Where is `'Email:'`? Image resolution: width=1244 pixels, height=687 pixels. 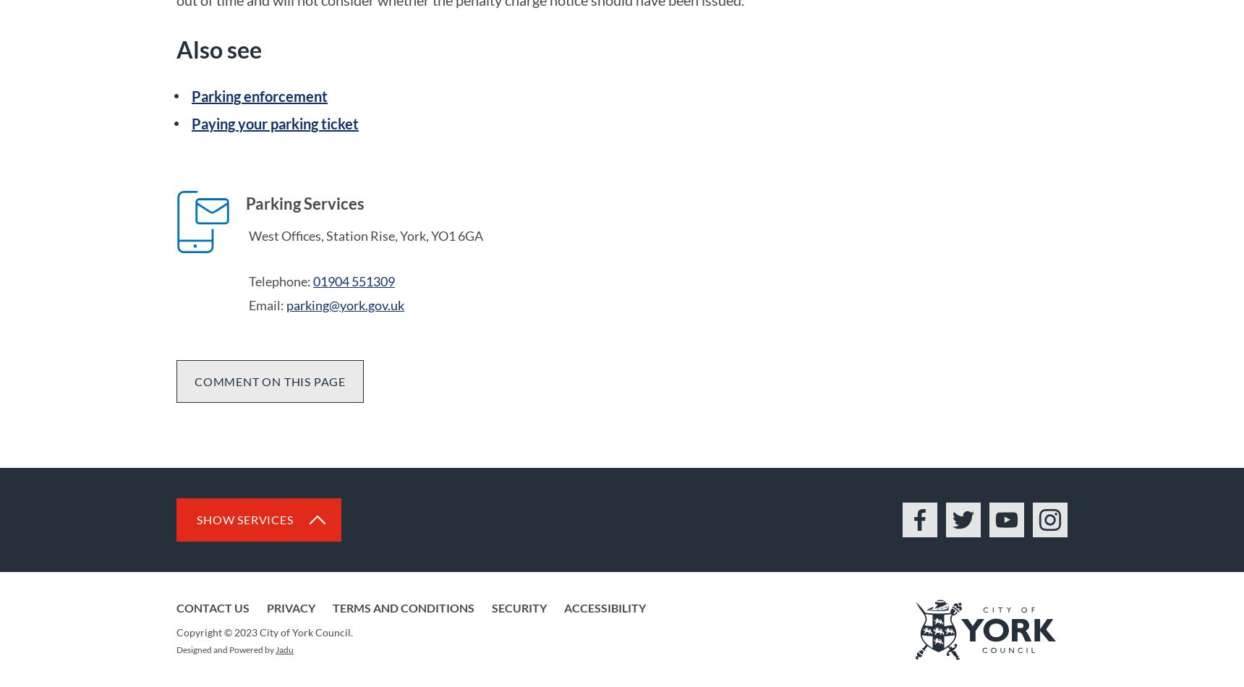 'Email:' is located at coordinates (266, 304).